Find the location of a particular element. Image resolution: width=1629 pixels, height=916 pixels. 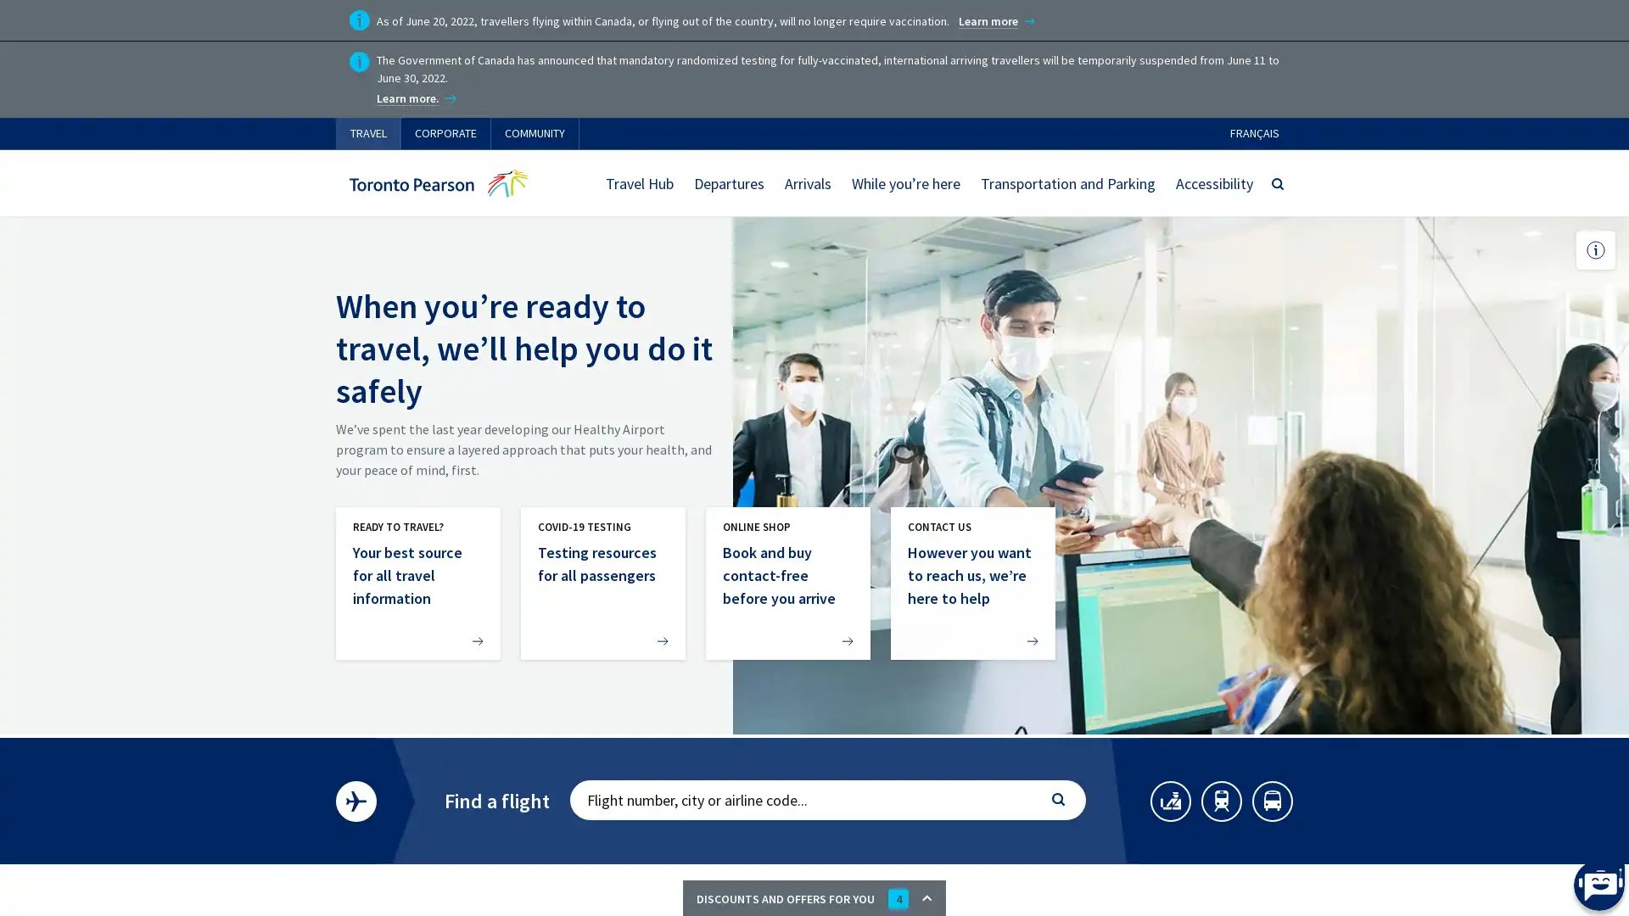

FLIGHTSEARCH is located at coordinates (355, 801).